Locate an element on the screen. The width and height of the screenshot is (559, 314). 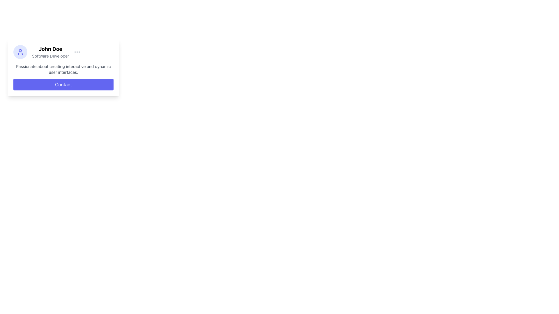
bold text label 'John Doe' which is styled with a larger font size and is the topmost element in its grouping, located above the supporting text 'Software Developer' is located at coordinates (50, 49).